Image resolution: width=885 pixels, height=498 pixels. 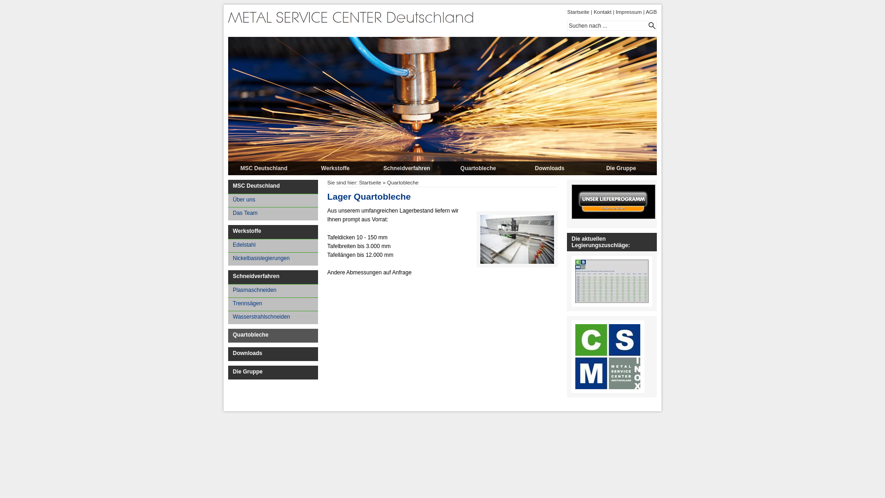 I want to click on 'Impressum', so click(x=628, y=12).